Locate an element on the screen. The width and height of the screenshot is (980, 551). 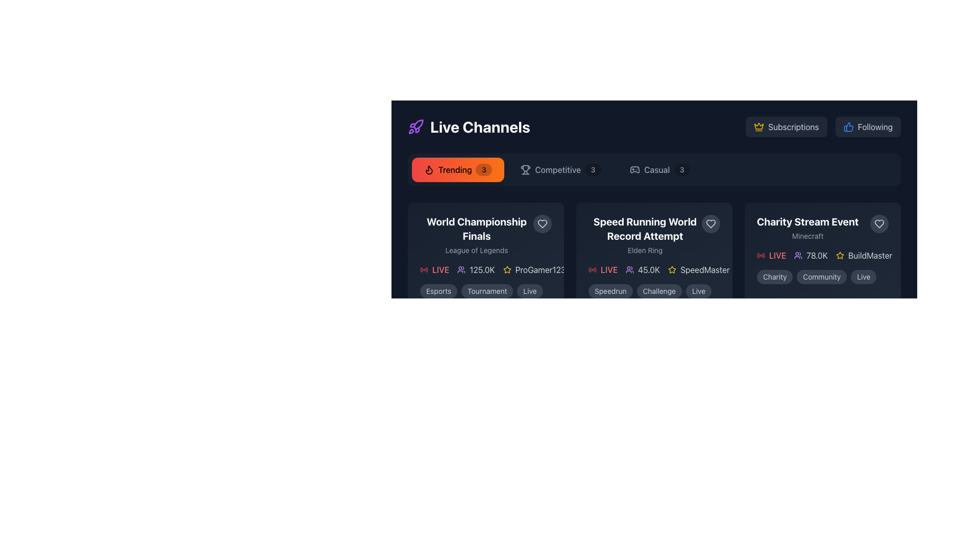
the 'Following' button located on the right side of the navigation bar, adjacent to the 'Subscriptions' button is located at coordinates (867, 127).